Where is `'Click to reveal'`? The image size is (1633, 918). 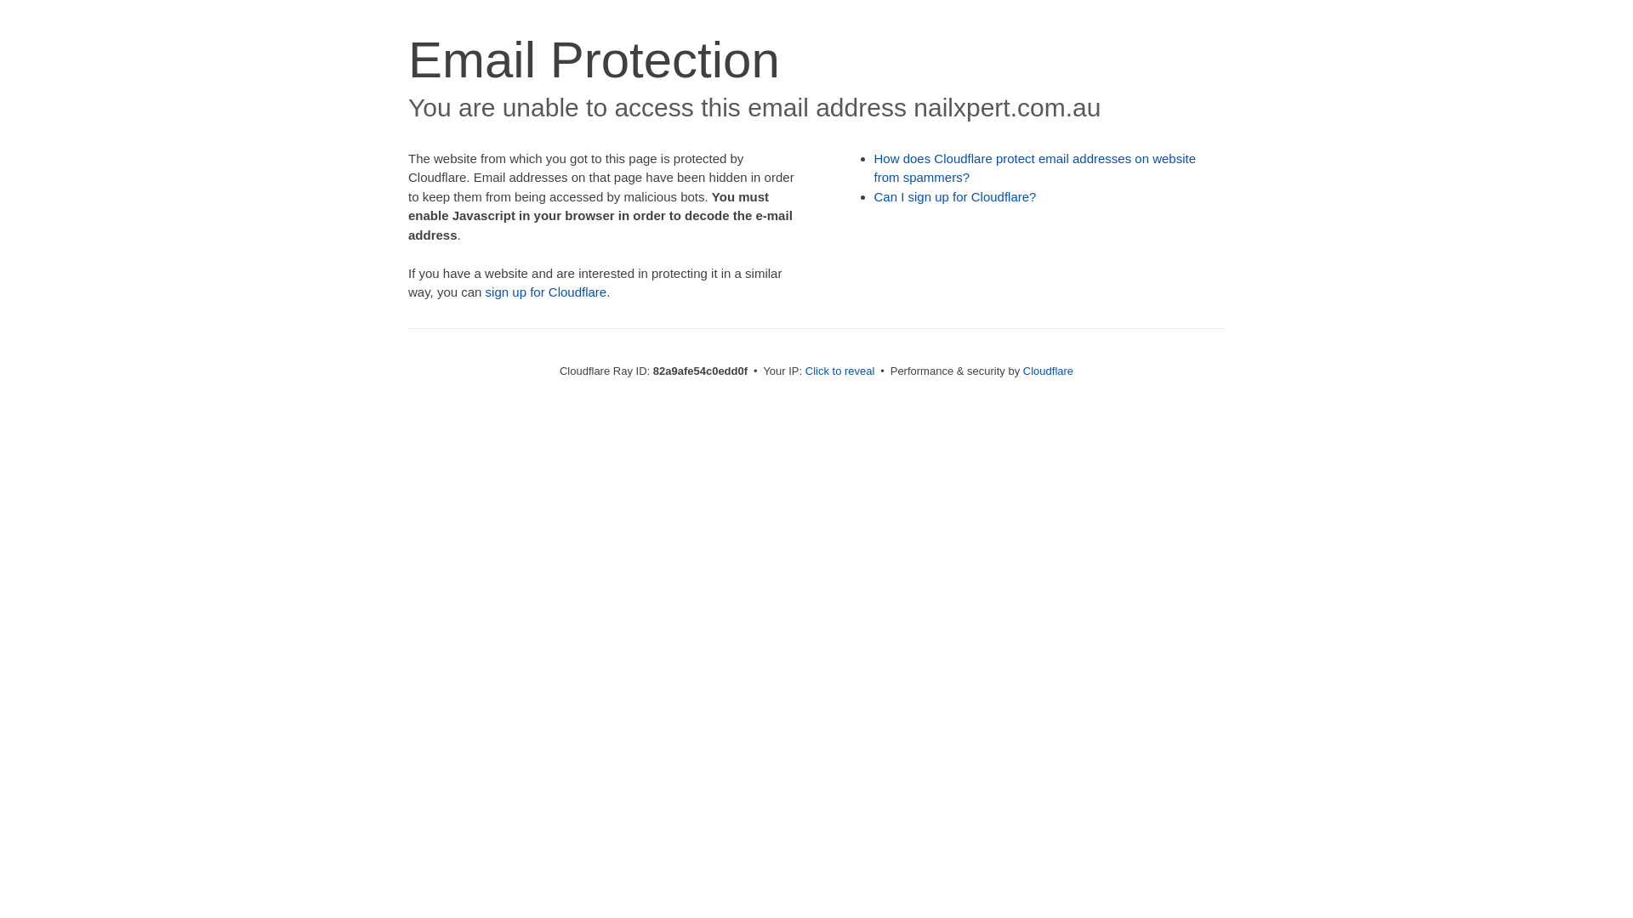 'Click to reveal' is located at coordinates (840, 370).